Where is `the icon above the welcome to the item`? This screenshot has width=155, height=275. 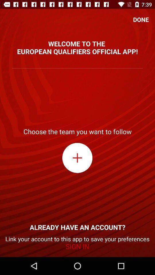
the icon above the welcome to the item is located at coordinates (141, 19).